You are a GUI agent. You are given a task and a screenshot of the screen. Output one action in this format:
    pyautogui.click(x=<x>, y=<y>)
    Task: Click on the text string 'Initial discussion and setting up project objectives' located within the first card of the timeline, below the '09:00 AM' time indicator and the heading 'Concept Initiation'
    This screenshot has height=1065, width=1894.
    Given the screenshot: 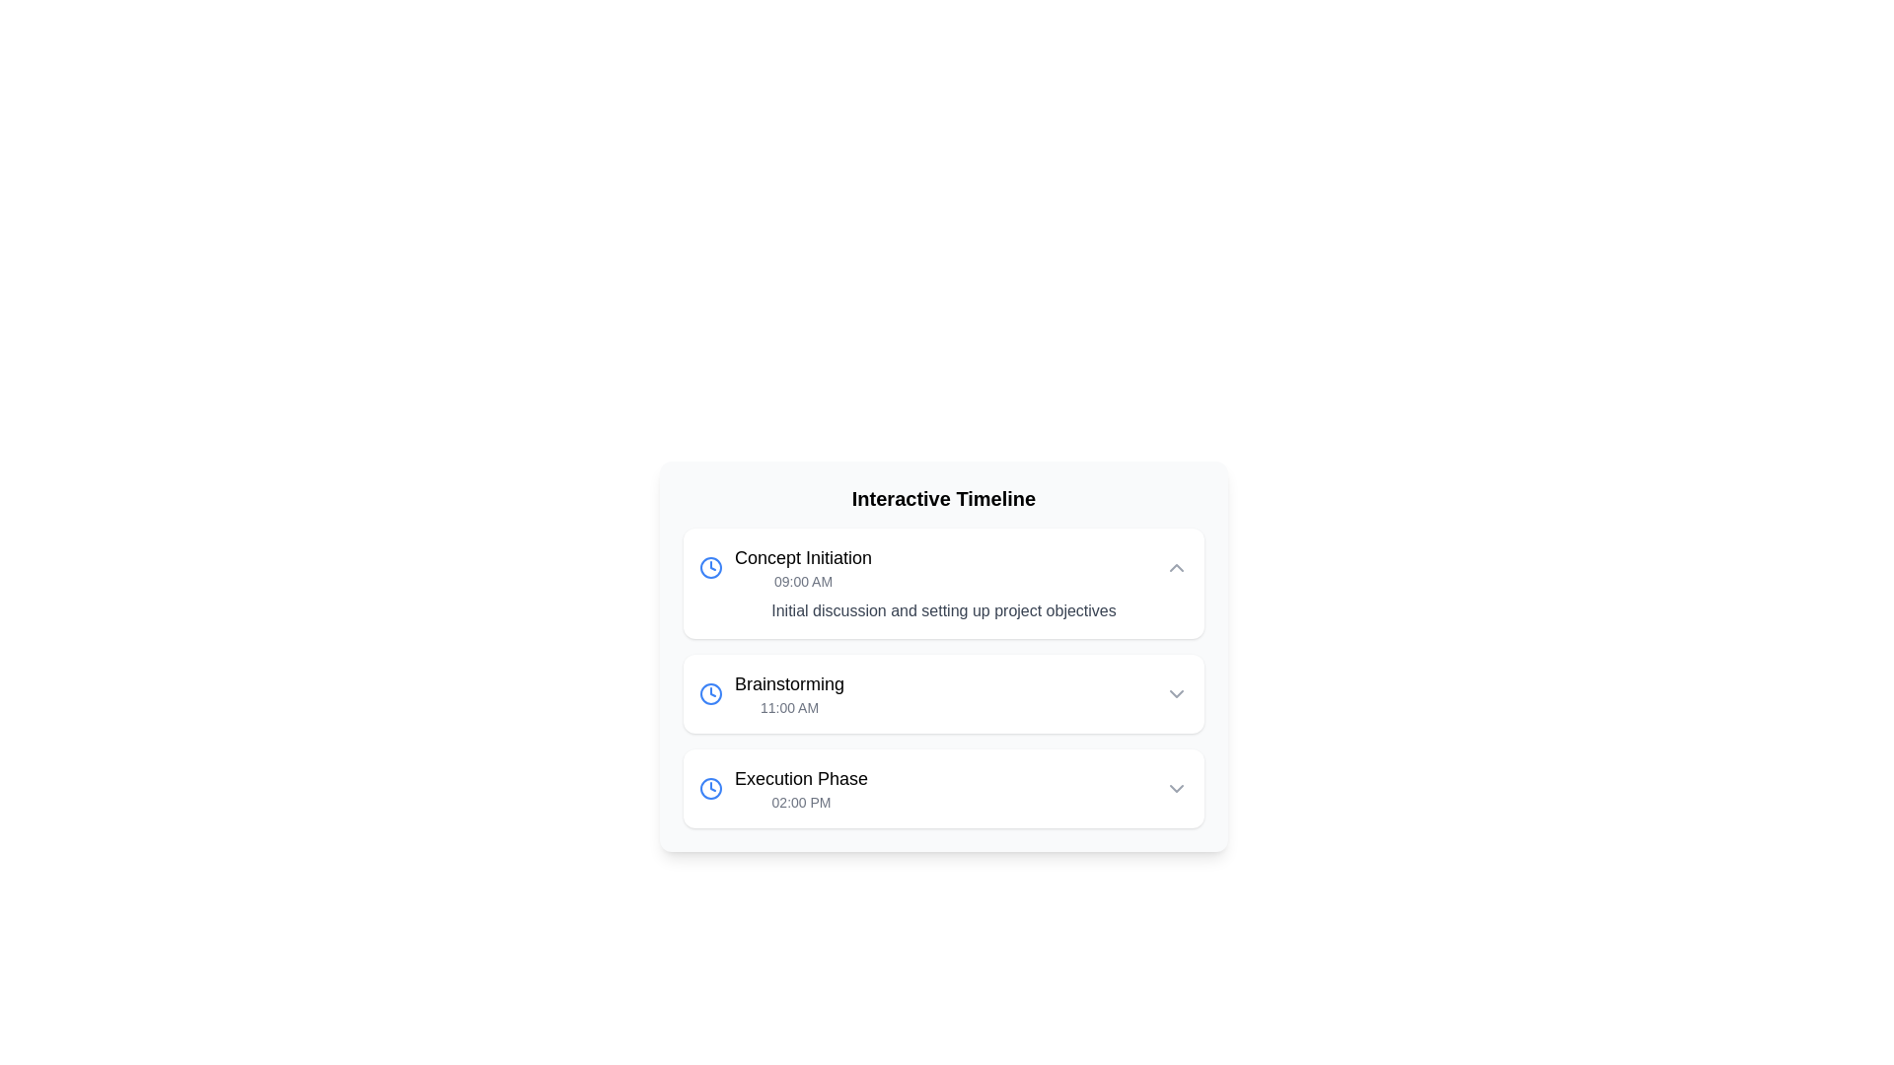 What is the action you would take?
    pyautogui.click(x=942, y=610)
    